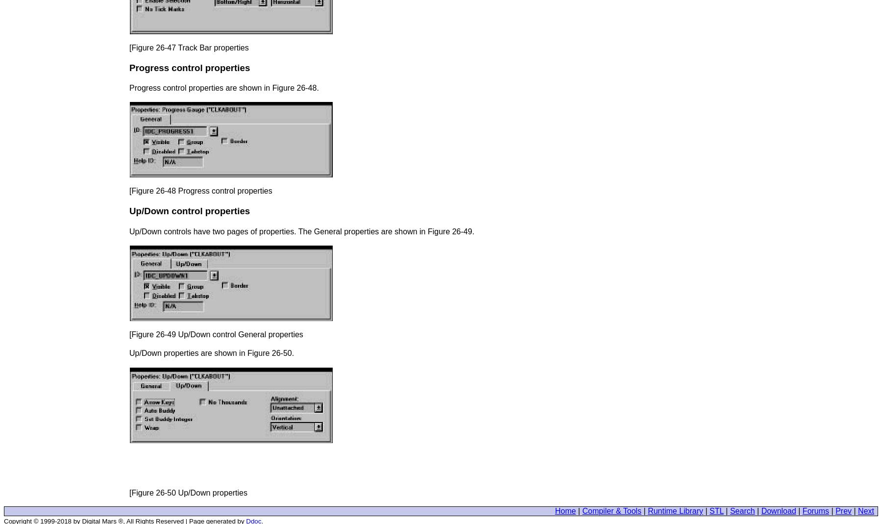  Describe the element at coordinates (301, 230) in the screenshot. I see `'Up/Down controls have two pages of properties. The General 
properties are shown in Figure 26-49.'` at that location.